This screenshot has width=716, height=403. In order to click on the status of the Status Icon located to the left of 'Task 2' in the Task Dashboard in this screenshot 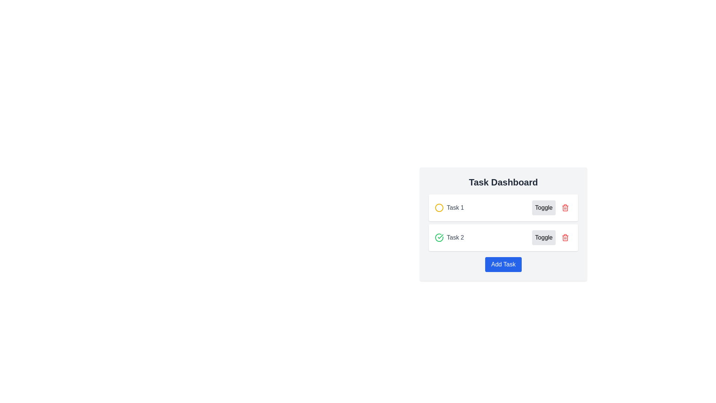, I will do `click(439, 237)`.